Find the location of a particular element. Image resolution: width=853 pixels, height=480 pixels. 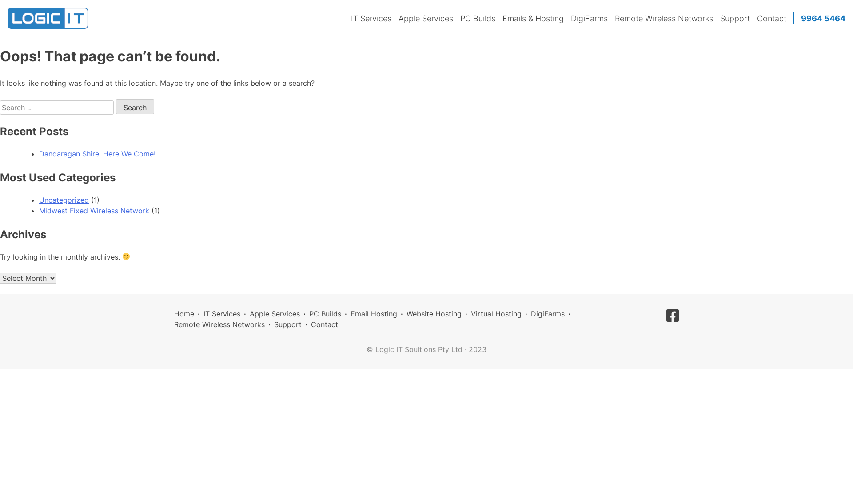

'Apple Services' is located at coordinates (249, 313).